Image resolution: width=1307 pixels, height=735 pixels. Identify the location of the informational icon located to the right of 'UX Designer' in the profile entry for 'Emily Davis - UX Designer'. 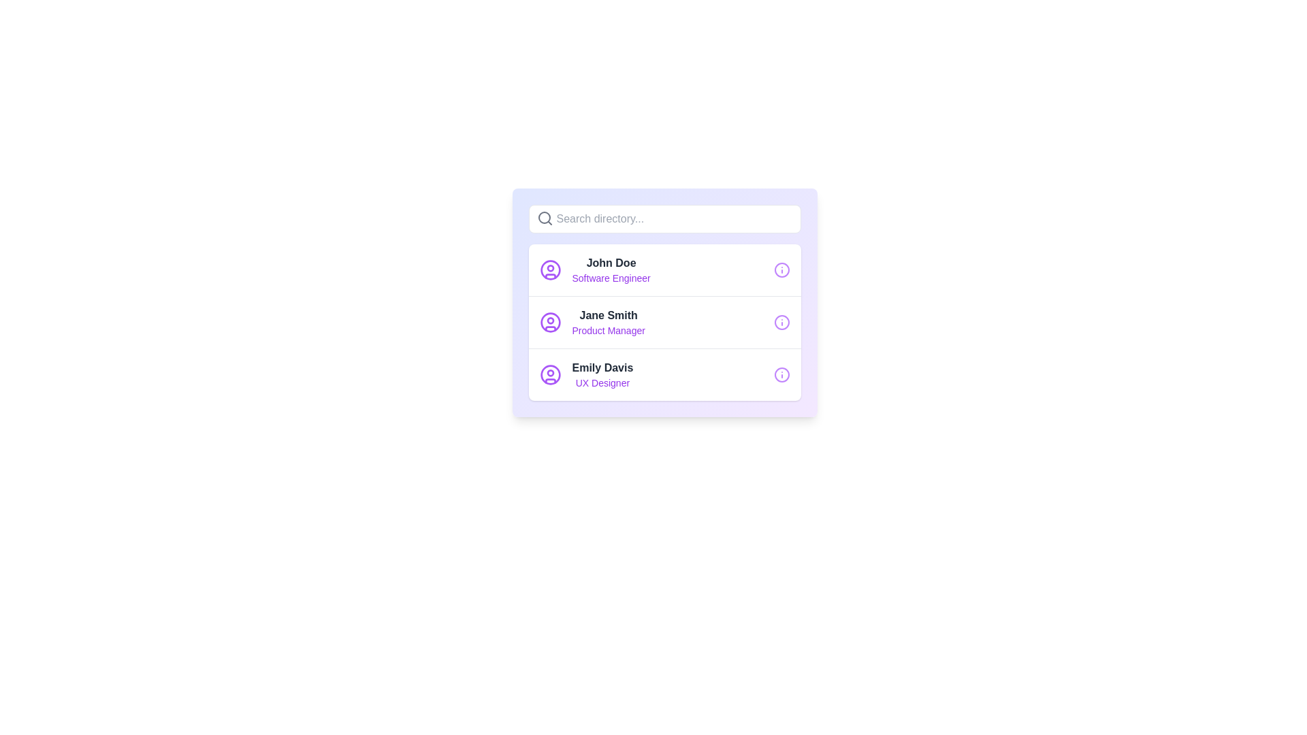
(781, 375).